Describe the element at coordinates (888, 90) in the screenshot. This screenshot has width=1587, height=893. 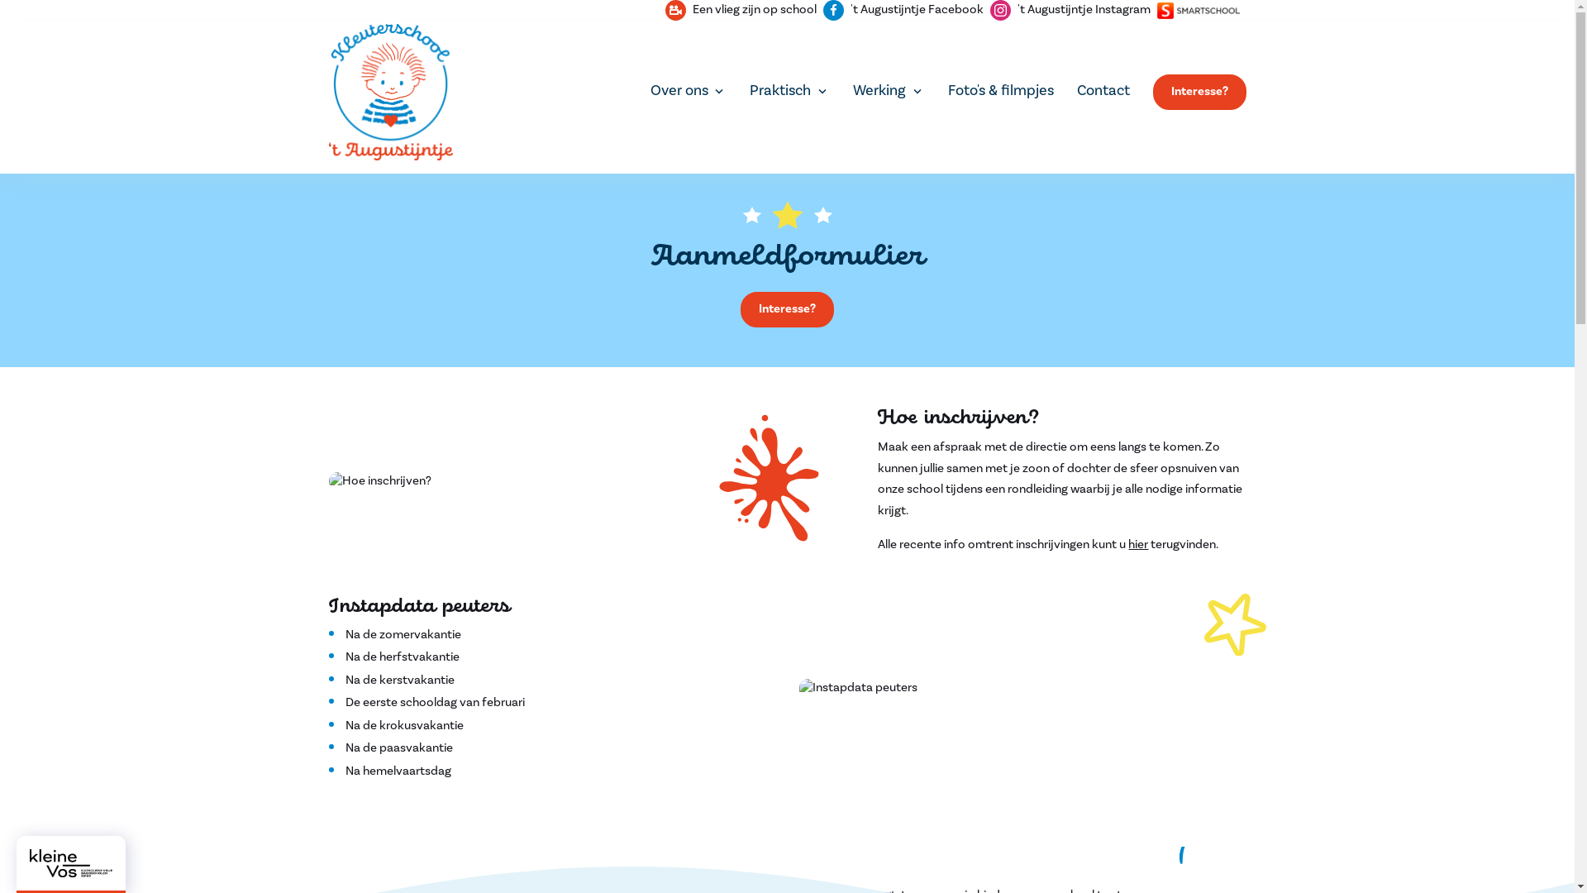
I see `'Werking'` at that location.